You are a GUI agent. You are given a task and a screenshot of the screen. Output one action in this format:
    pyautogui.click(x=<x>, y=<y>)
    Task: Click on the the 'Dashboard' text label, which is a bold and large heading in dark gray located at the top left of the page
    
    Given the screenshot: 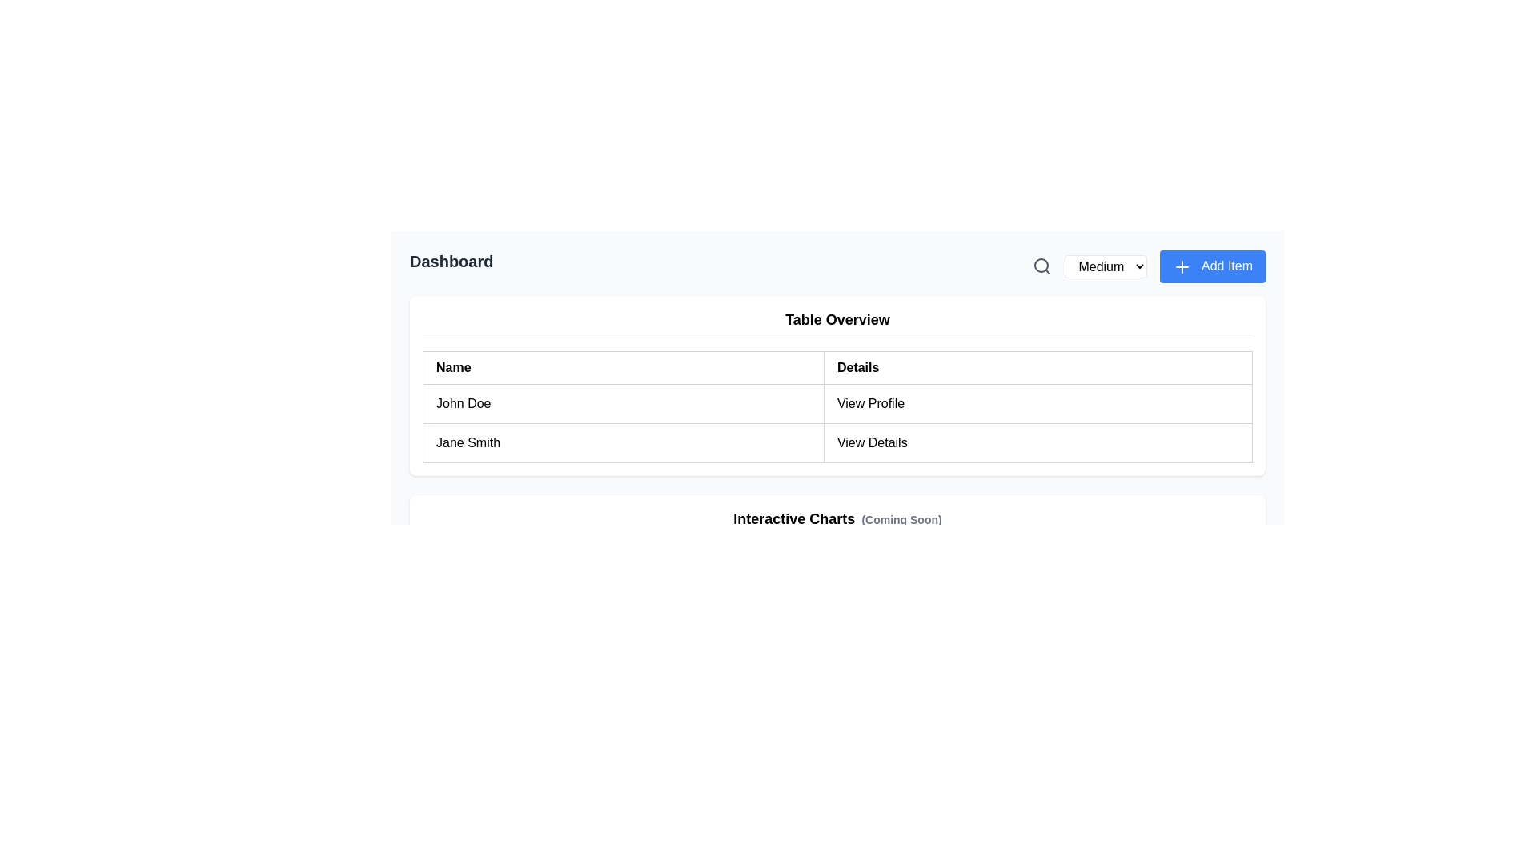 What is the action you would take?
    pyautogui.click(x=451, y=266)
    